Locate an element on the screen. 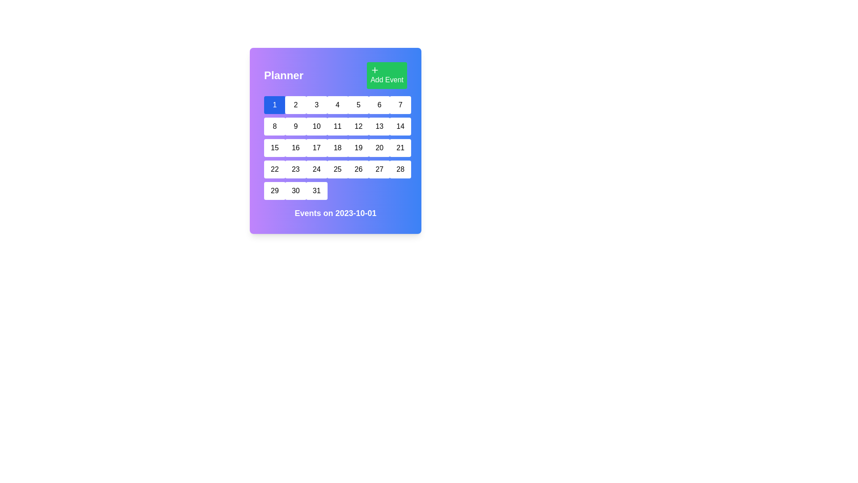  the button displaying the number '23' is located at coordinates (295, 169).